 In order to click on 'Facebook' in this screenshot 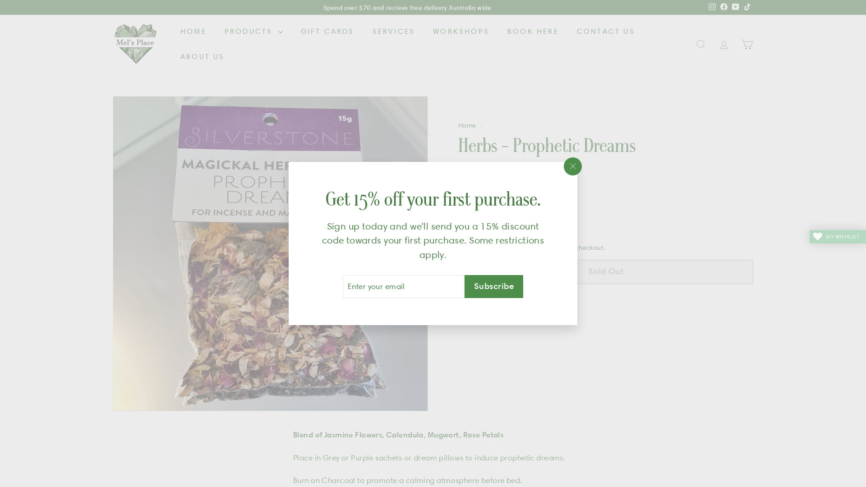, I will do `click(723, 7)`.